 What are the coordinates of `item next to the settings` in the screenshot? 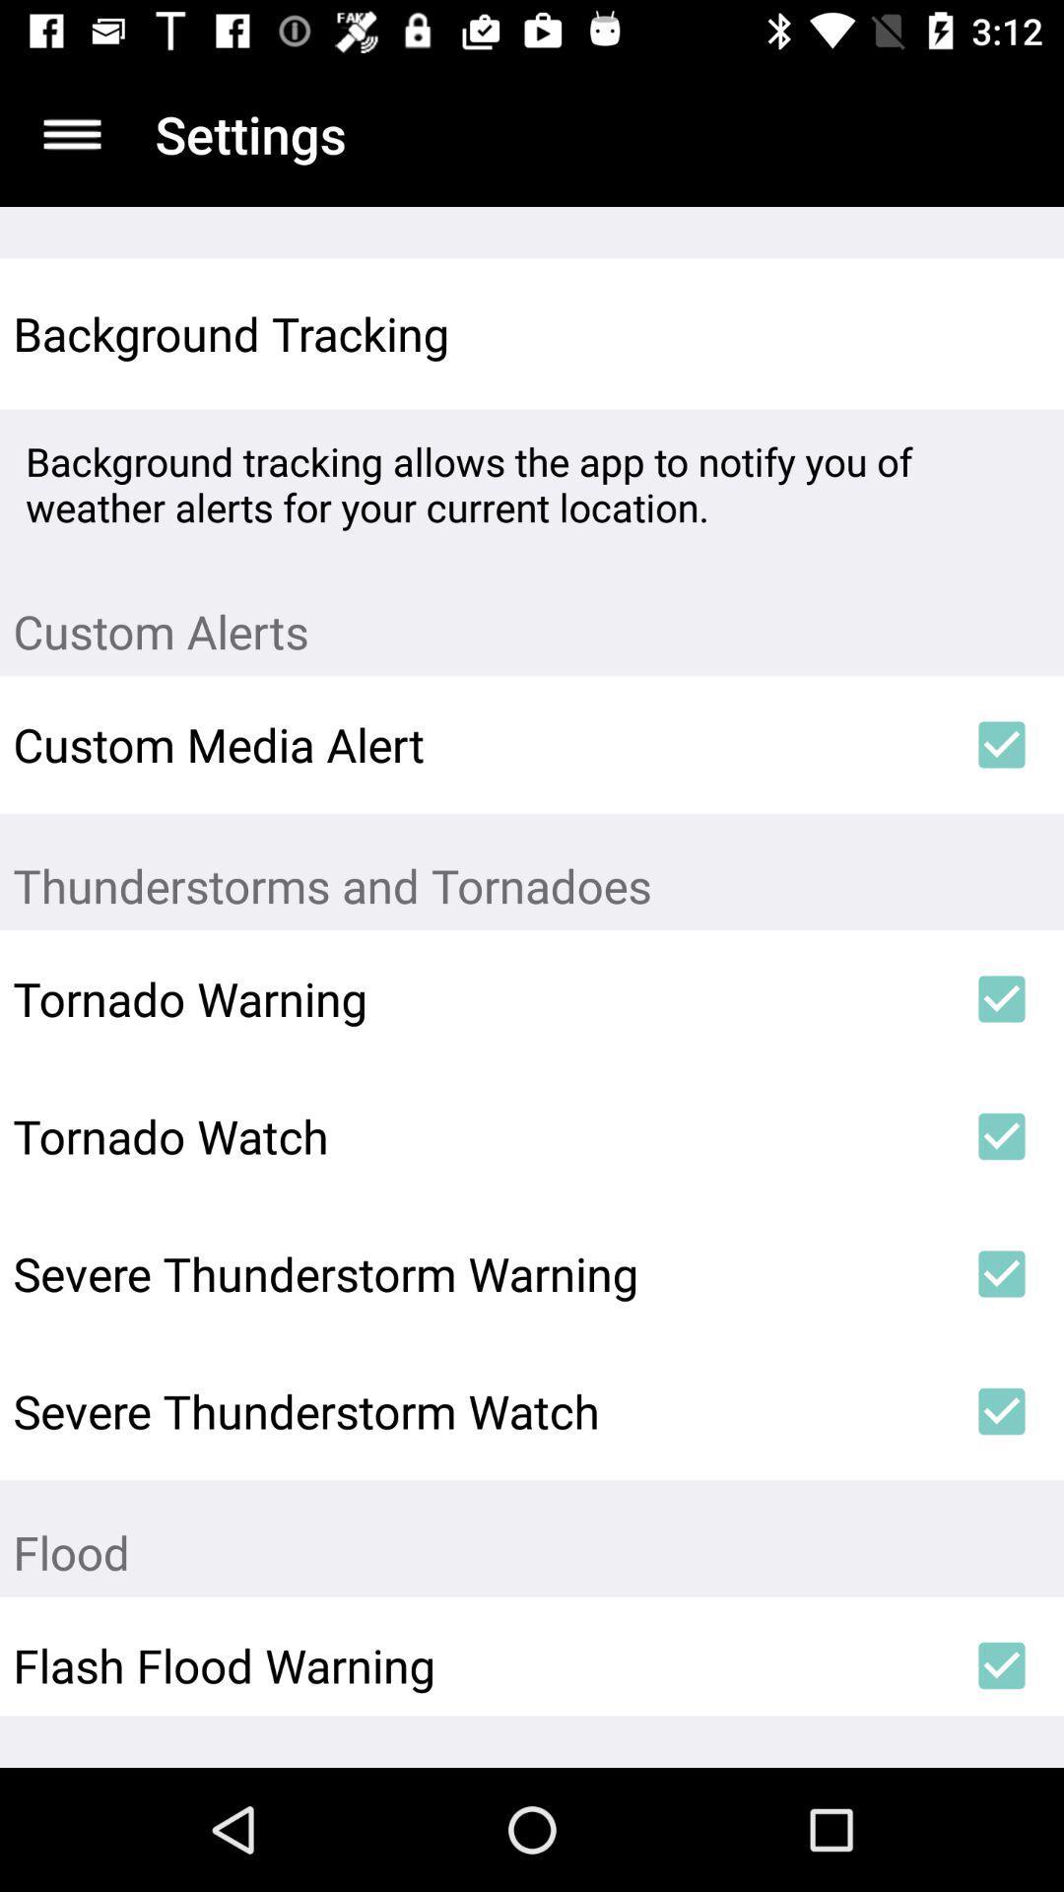 It's located at (71, 133).